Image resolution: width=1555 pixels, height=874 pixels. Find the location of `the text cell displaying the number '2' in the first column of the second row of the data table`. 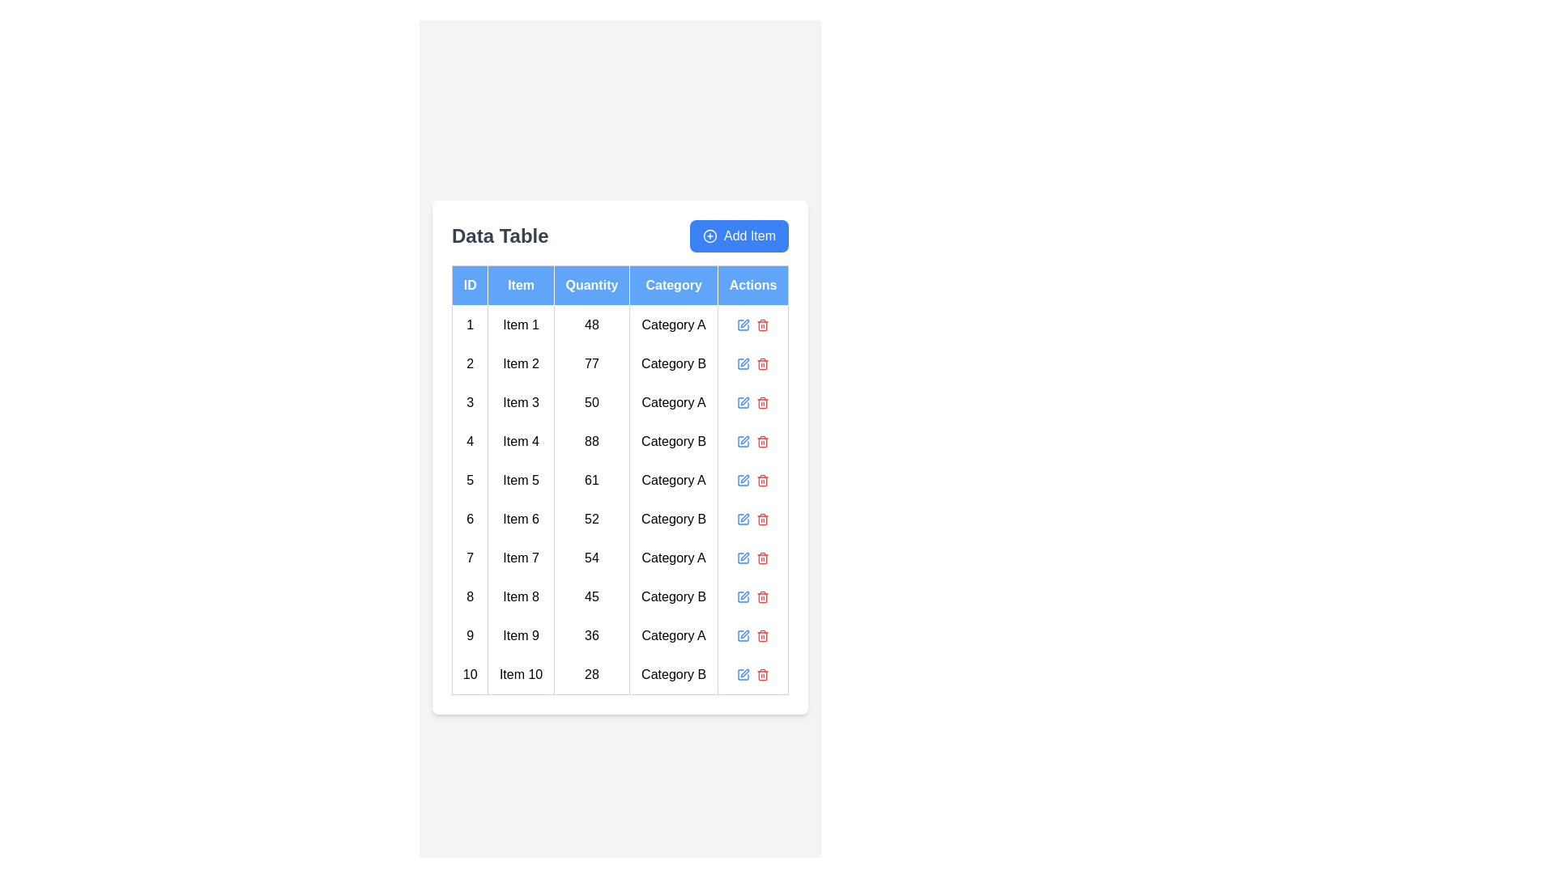

the text cell displaying the number '2' in the first column of the second row of the data table is located at coordinates (469, 363).